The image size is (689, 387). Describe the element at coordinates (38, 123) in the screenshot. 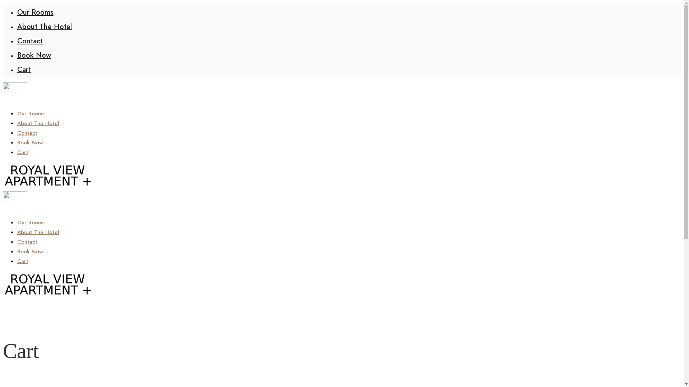

I see `'About The Hotel'` at that location.